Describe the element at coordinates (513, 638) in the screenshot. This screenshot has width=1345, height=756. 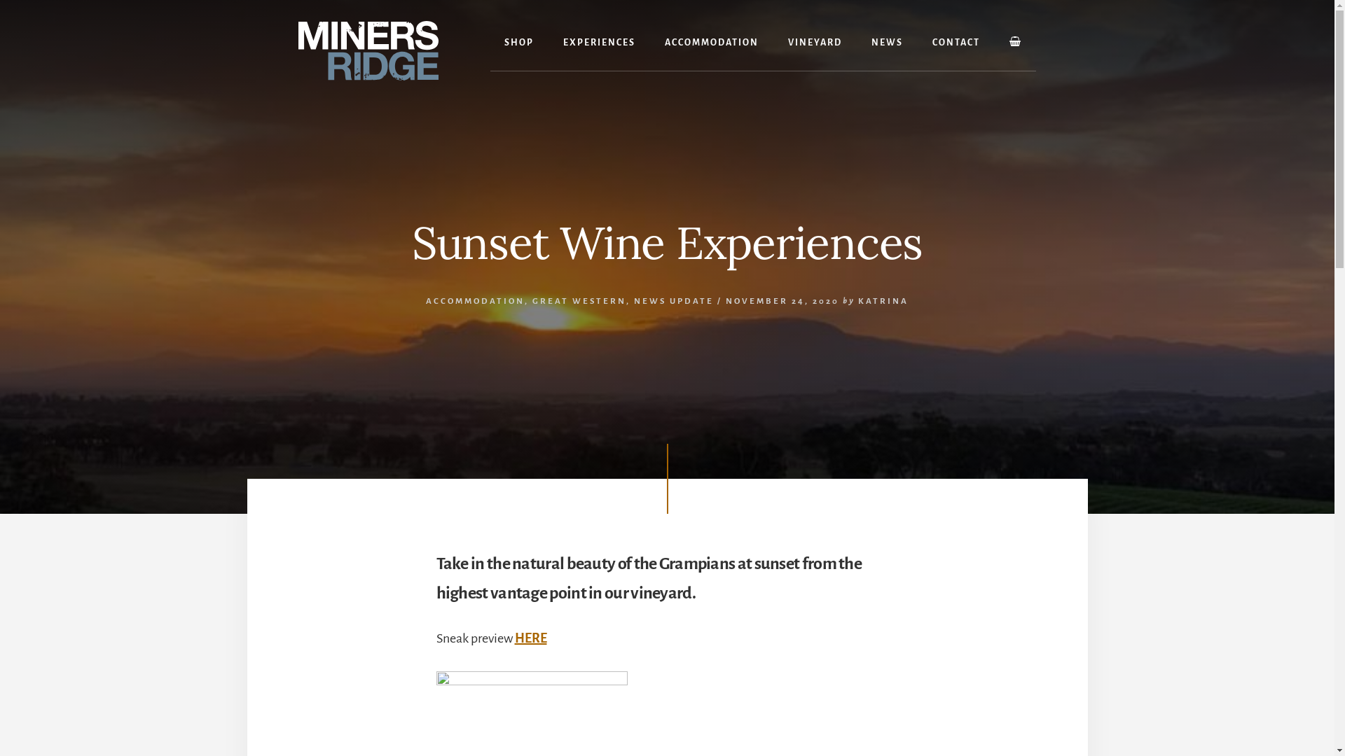
I see `'HERE'` at that location.